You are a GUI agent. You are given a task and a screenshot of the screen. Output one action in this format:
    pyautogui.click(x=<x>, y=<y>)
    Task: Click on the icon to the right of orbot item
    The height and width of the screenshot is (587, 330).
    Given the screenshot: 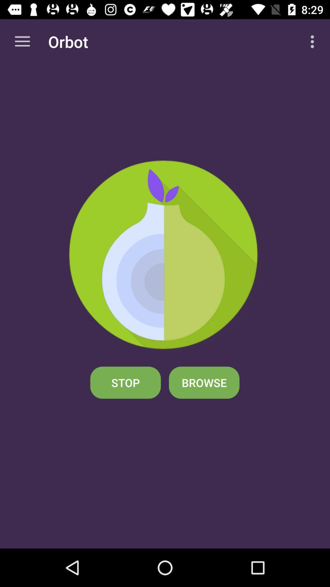 What is the action you would take?
    pyautogui.click(x=314, y=41)
    